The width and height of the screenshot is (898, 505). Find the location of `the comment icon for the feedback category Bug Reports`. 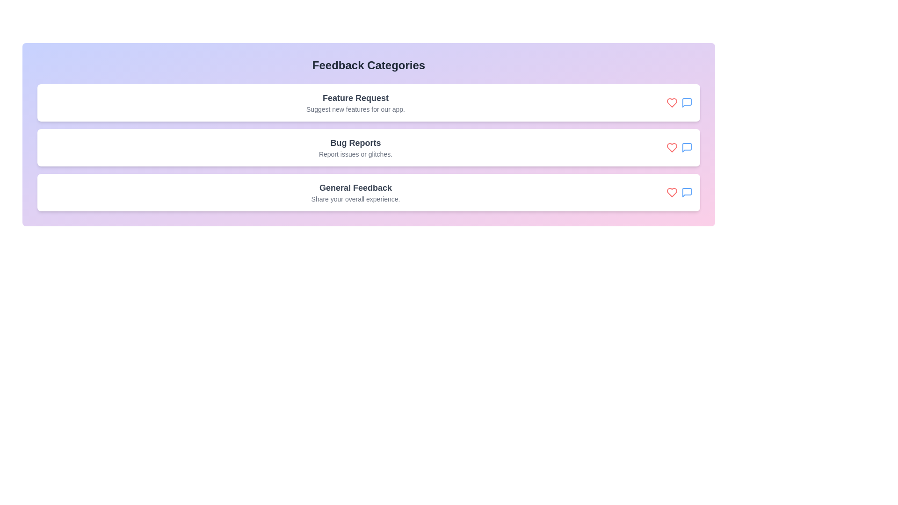

the comment icon for the feedback category Bug Reports is located at coordinates (687, 147).